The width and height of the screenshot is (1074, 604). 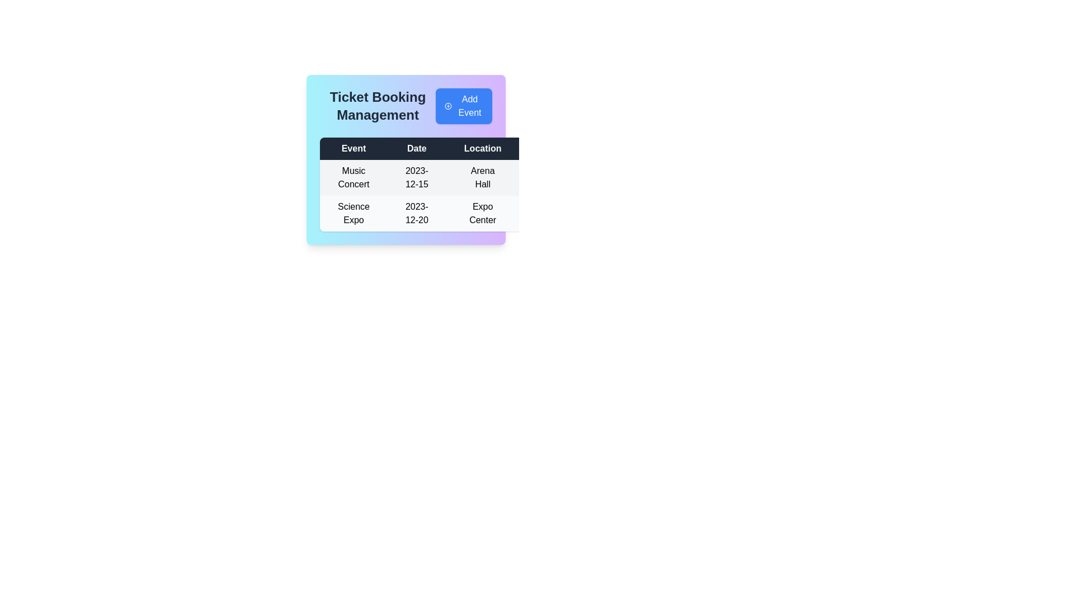 What do you see at coordinates (353, 177) in the screenshot?
I see `the 'Music Concert' text label, which is a bold text label in the first column under the 'Event' header of a table` at bounding box center [353, 177].